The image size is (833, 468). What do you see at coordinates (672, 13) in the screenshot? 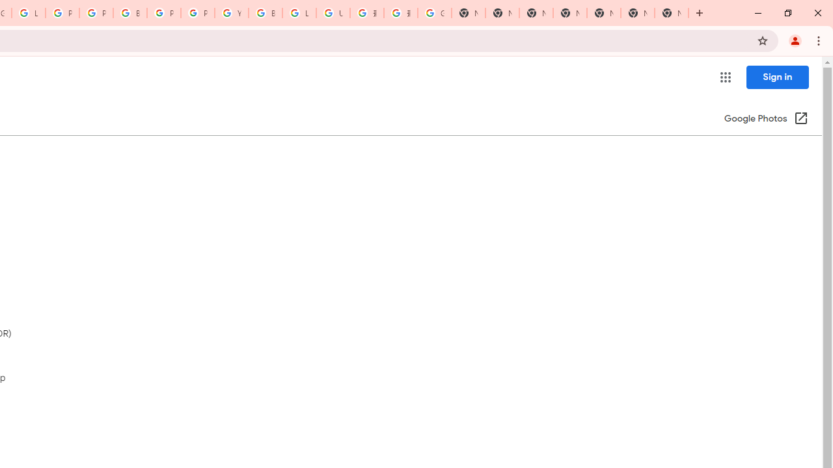
I see `'New Tab'` at bounding box center [672, 13].